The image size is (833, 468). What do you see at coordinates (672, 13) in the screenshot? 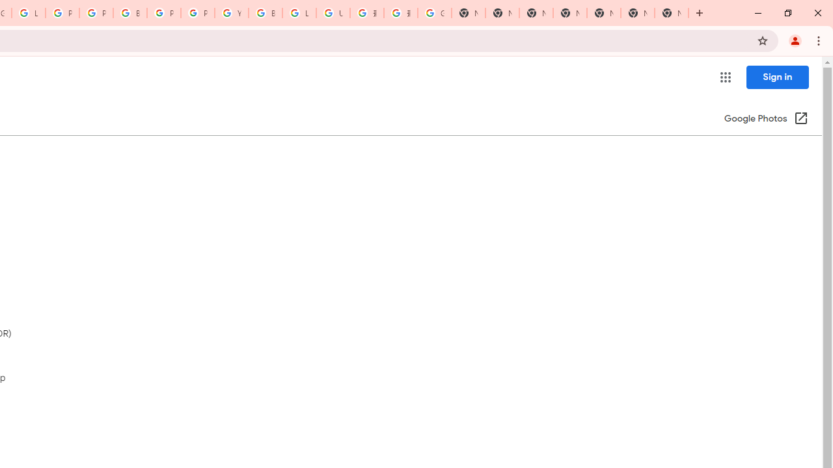
I see `'New Tab'` at bounding box center [672, 13].